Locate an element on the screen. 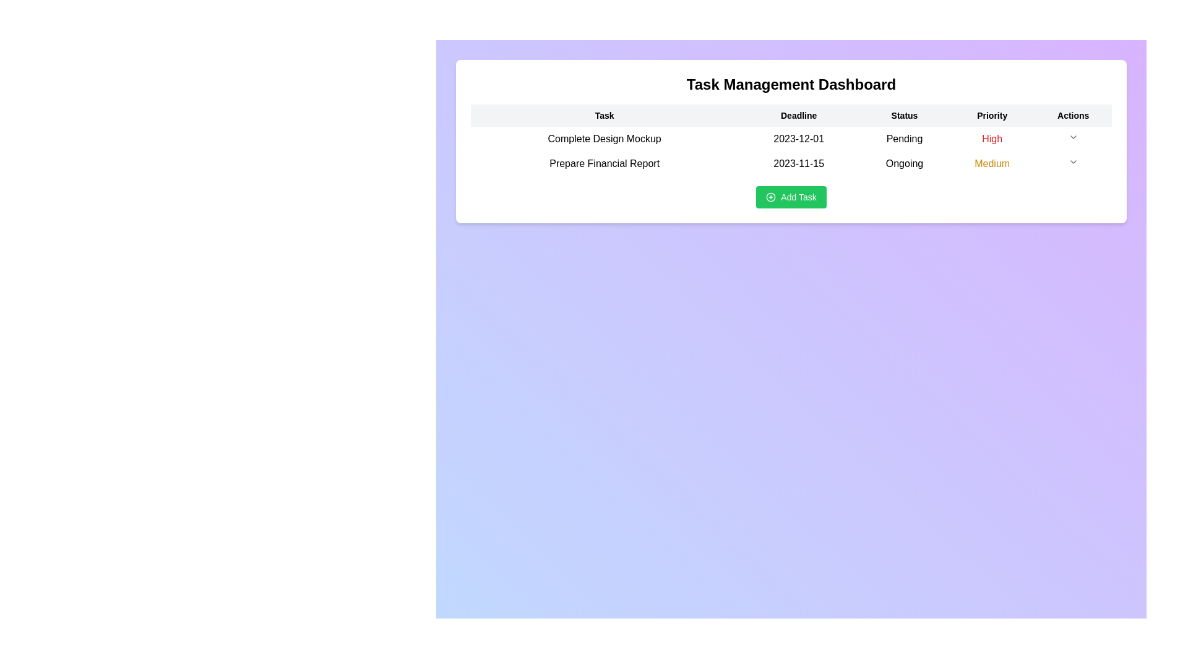 The image size is (1188, 668). text content of the 'Status' label, which is the third header in a row of five headers in a task management dashboard is located at coordinates (905, 115).